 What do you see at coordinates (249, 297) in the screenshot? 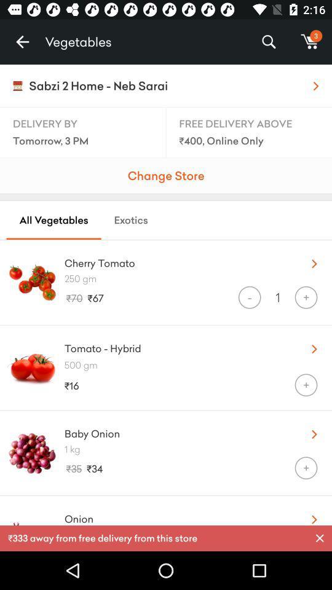
I see `item to the left of the 1` at bounding box center [249, 297].